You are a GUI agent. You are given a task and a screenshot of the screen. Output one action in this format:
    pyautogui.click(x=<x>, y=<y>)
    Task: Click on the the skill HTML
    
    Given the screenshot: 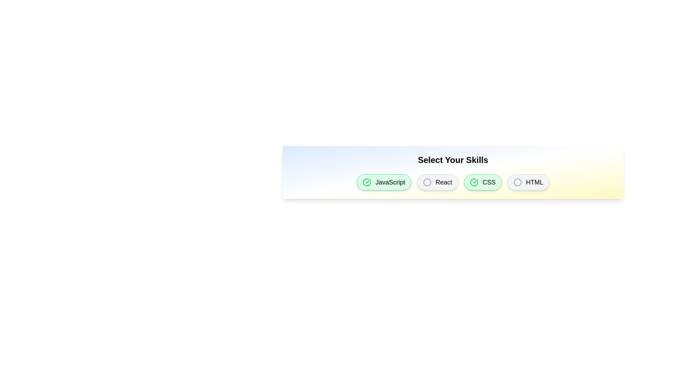 What is the action you would take?
    pyautogui.click(x=528, y=182)
    